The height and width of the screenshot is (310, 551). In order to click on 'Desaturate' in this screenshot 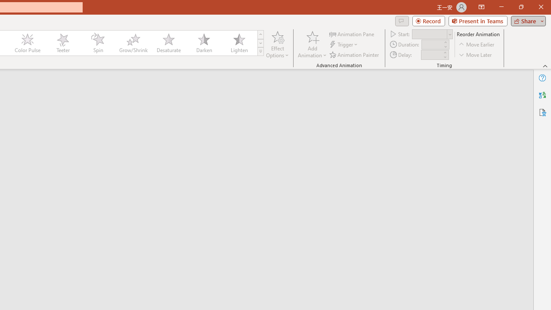, I will do `click(168, 43)`.